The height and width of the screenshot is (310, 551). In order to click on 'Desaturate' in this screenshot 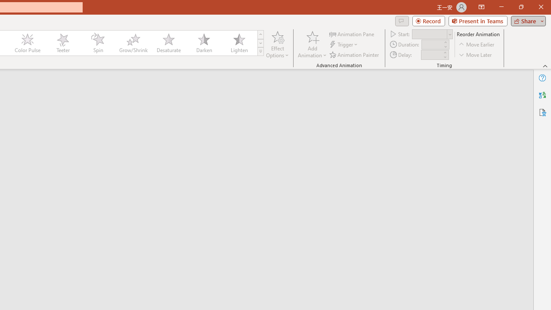, I will do `click(168, 43)`.